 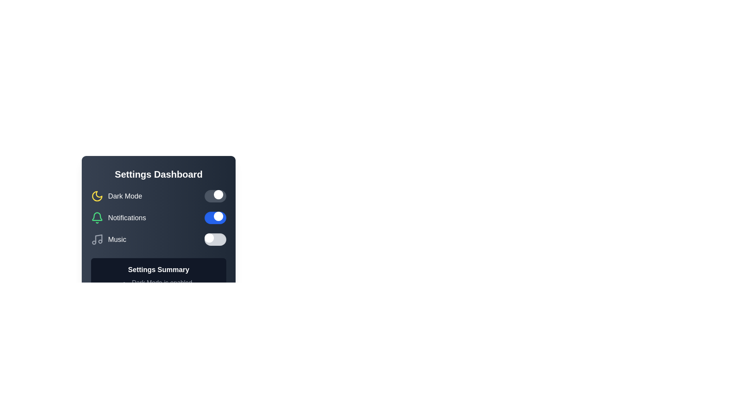 I want to click on the toggle switch for Notifications, located to the right of the 'Notifications' label in the 'Settings Dashboard', to receive visual feedback, so click(x=215, y=218).